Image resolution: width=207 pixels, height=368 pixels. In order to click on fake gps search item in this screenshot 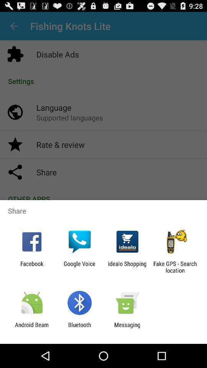, I will do `click(175, 267)`.